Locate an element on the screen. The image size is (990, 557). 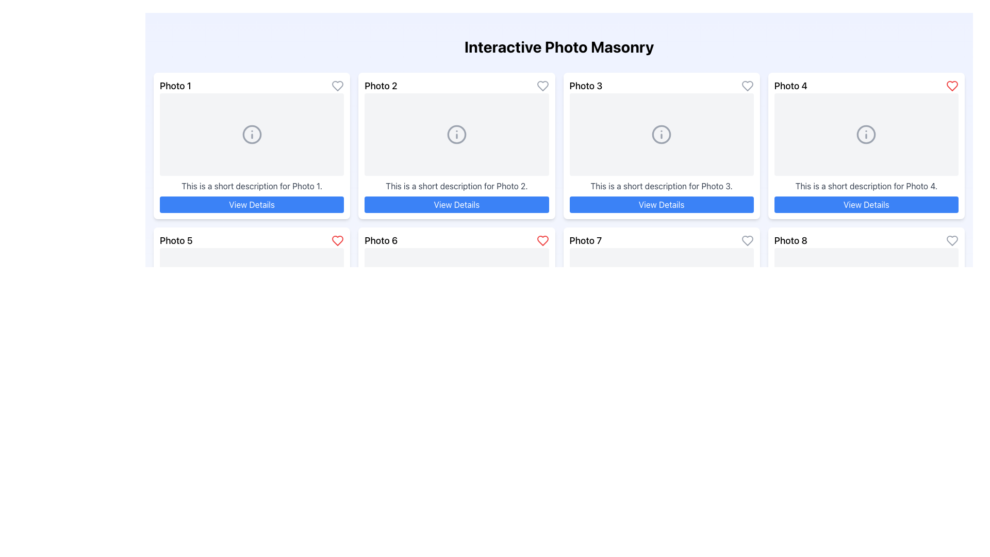
the text block containing 'This is a short description for Photo 3.' located below the image section of Photo 3 is located at coordinates (662, 186).